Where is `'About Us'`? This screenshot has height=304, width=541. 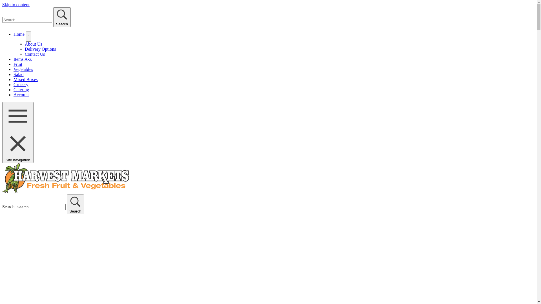
'About Us' is located at coordinates (33, 44).